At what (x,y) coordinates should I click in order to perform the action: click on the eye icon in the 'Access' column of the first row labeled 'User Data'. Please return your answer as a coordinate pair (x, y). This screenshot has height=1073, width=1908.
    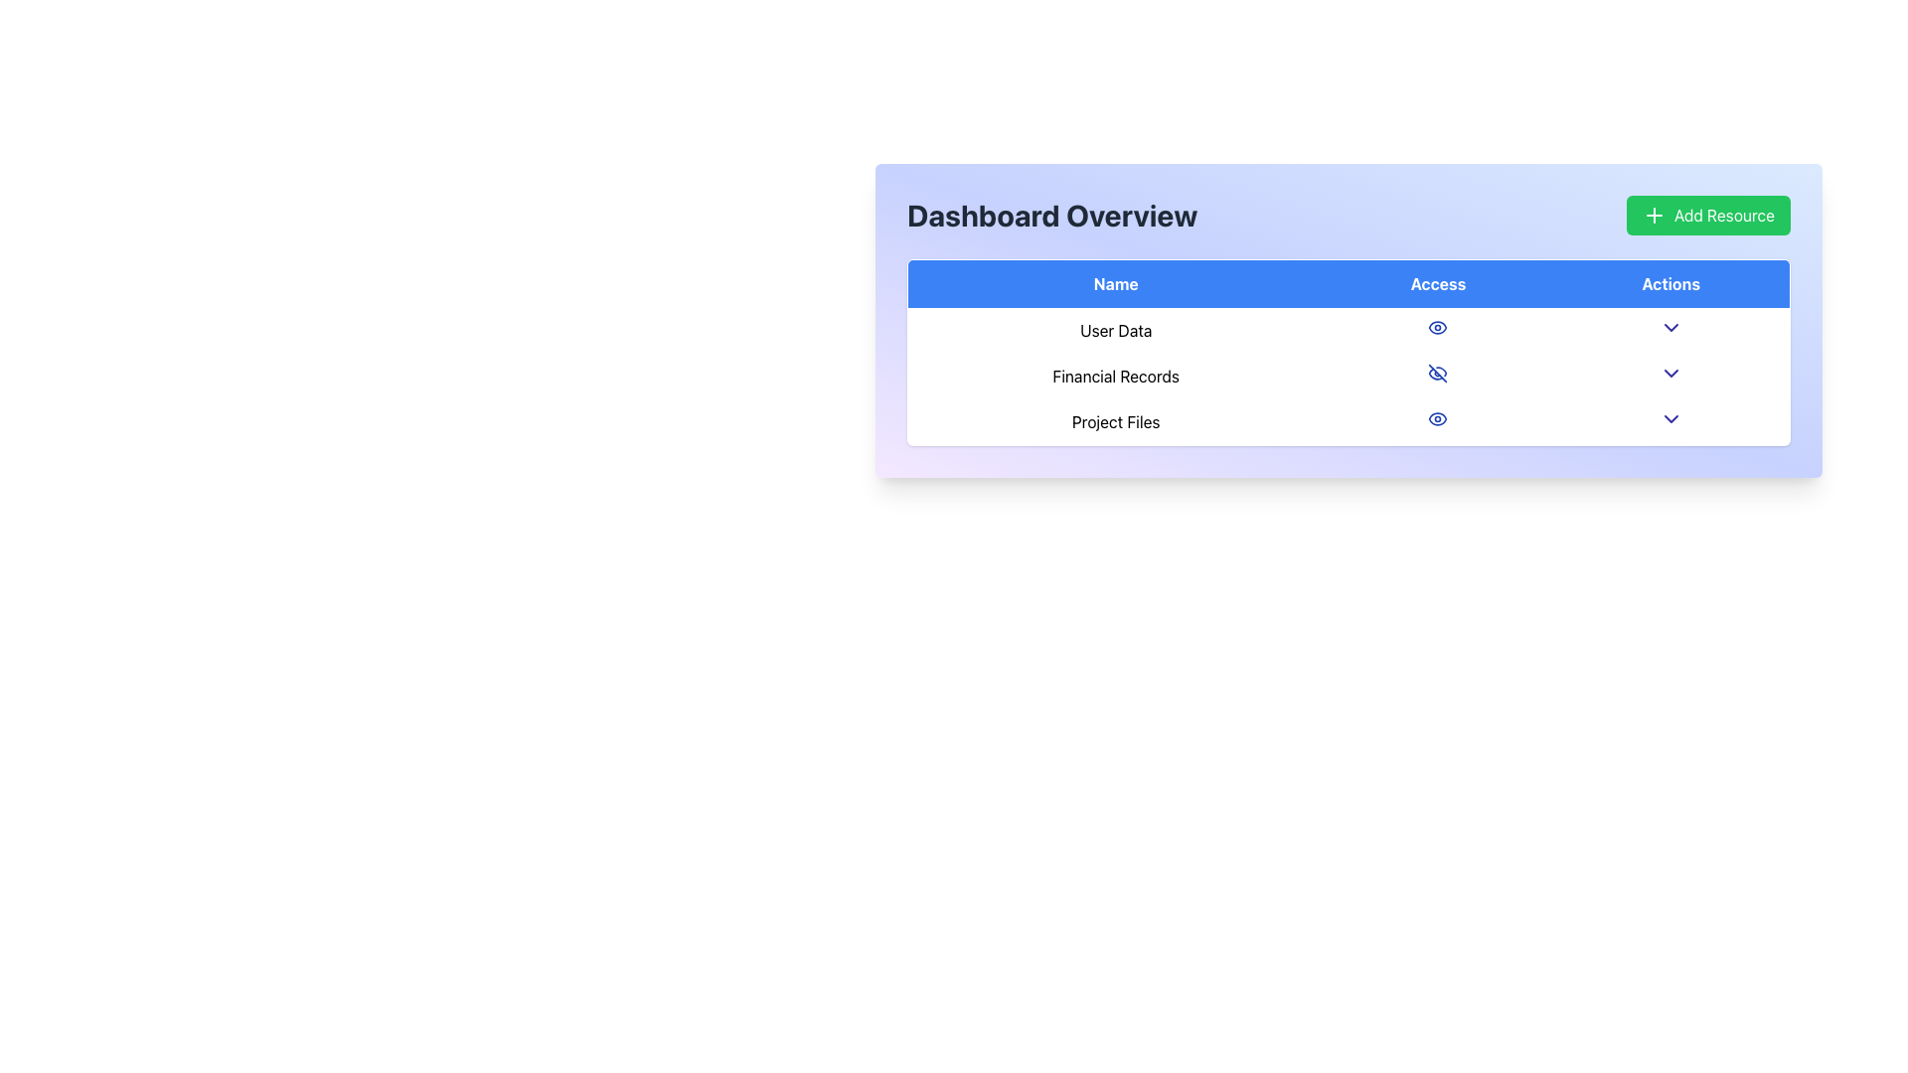
    Looking at the image, I should click on (1438, 327).